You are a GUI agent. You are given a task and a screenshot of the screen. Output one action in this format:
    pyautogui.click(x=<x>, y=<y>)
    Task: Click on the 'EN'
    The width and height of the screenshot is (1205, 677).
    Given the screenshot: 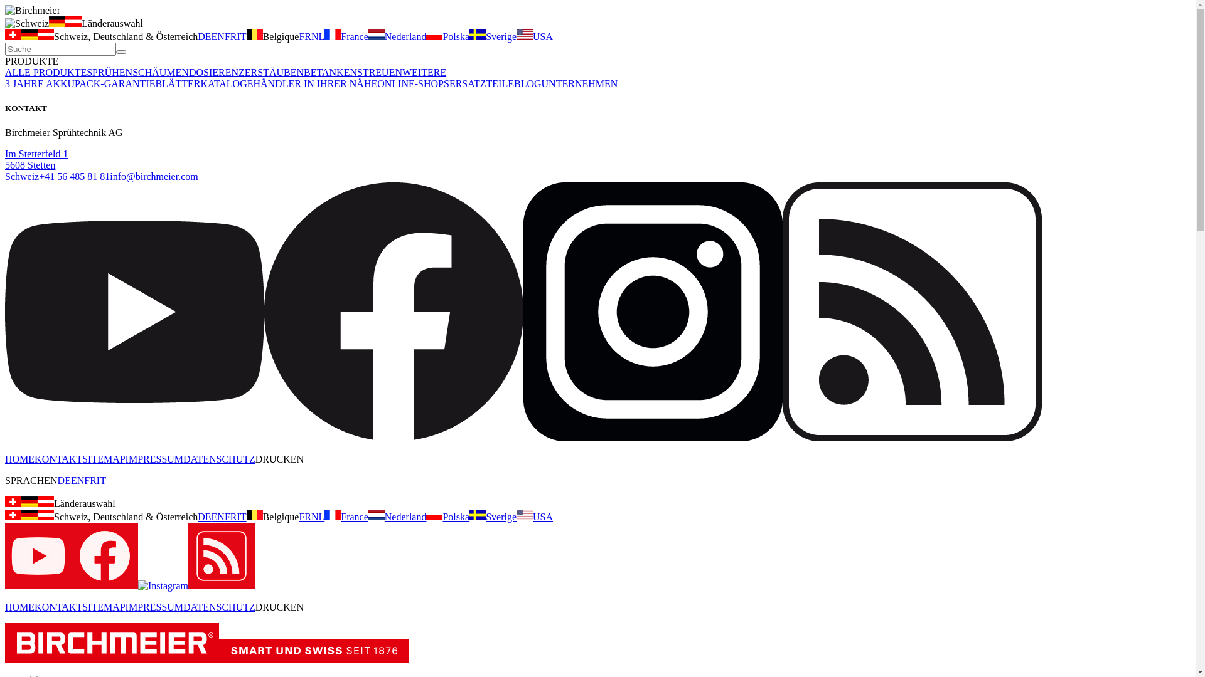 What is the action you would take?
    pyautogui.click(x=218, y=517)
    